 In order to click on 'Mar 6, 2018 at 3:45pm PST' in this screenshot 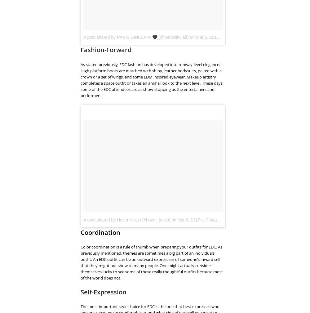, I will do `click(222, 37)`.